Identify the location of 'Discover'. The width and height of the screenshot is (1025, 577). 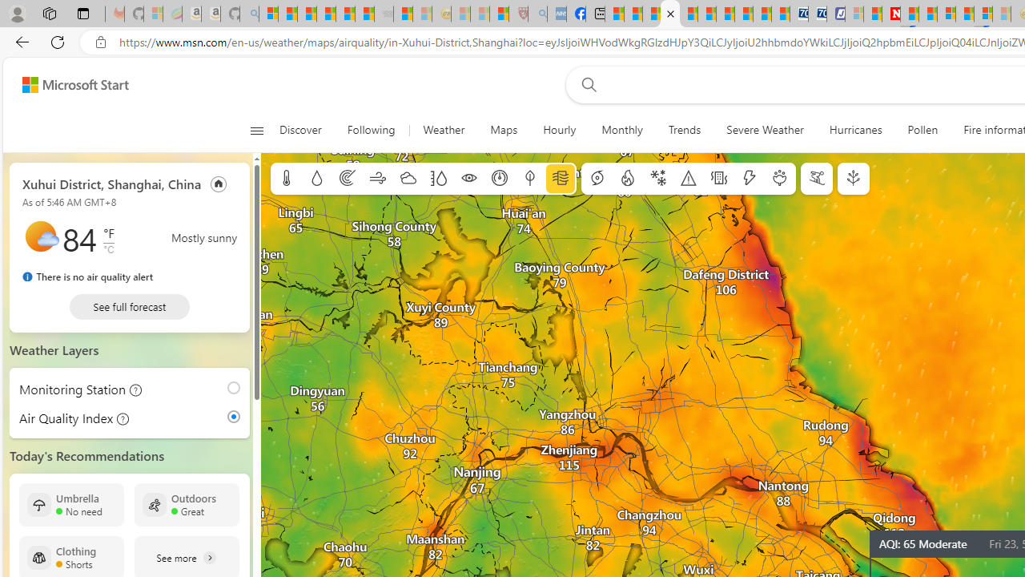
(307, 130).